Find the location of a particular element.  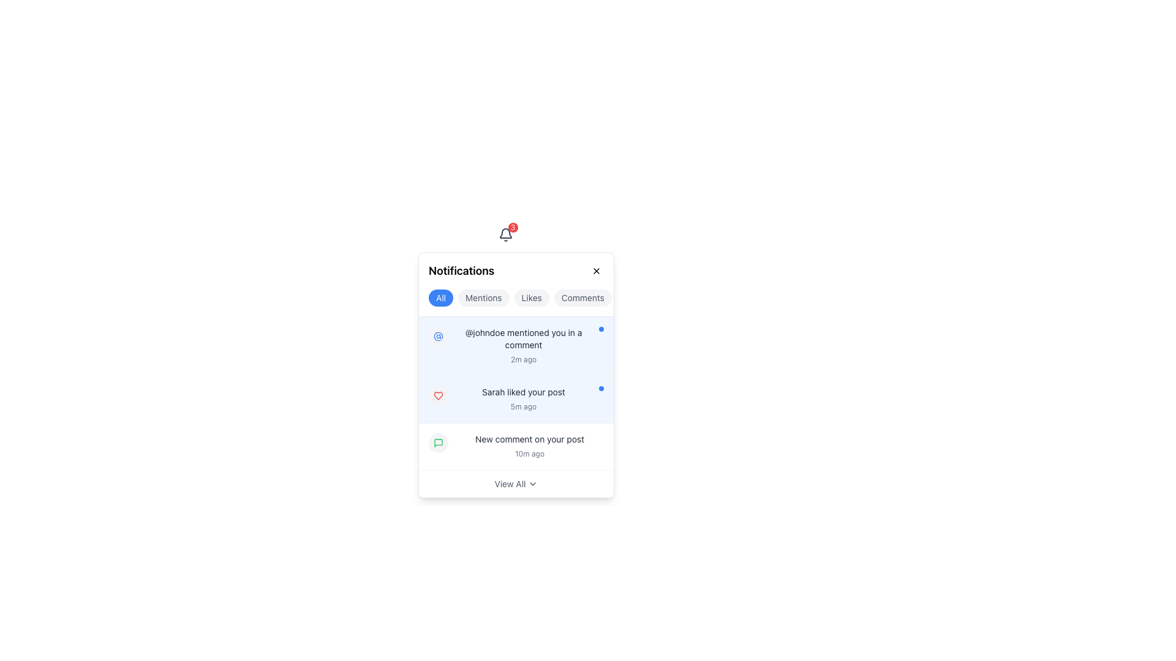

the cross icon button in the top-right corner of the notification pop-up box is located at coordinates (597, 271).